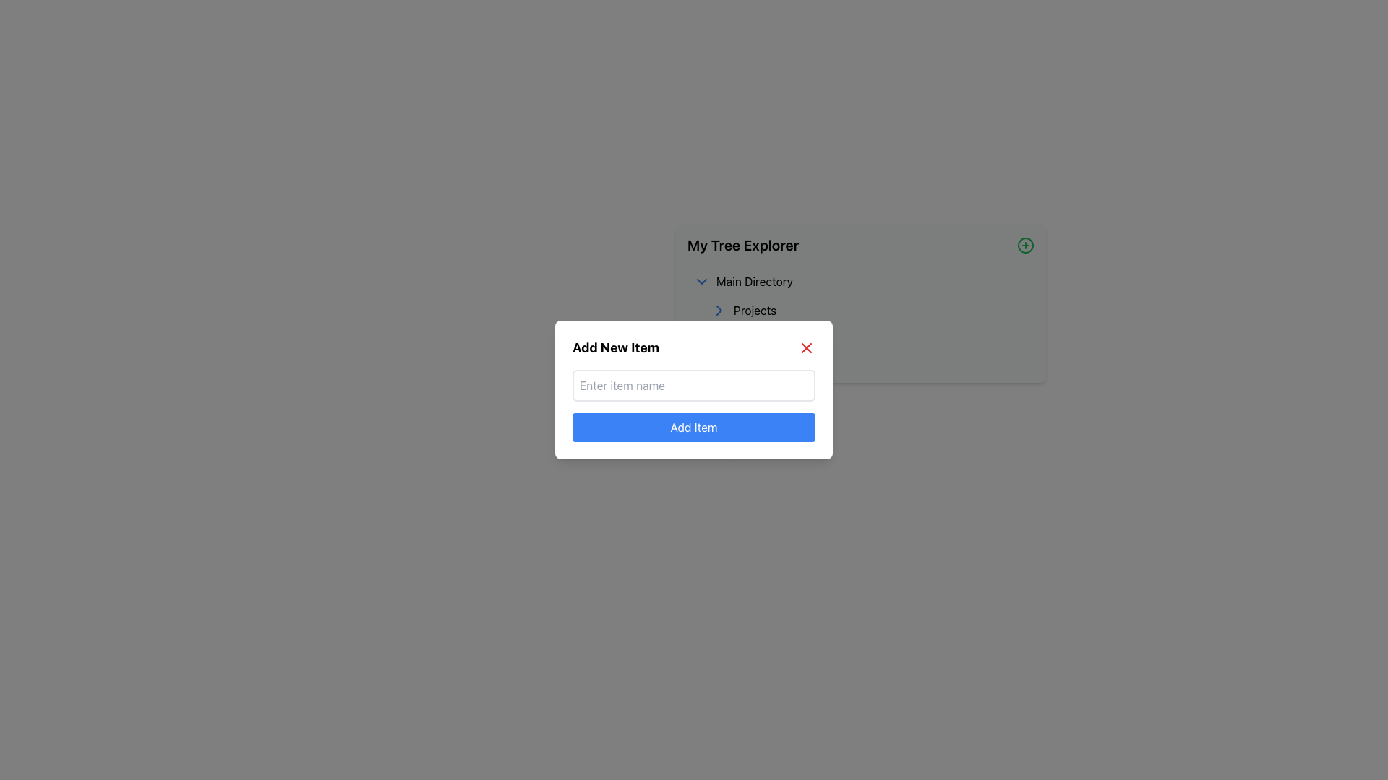 Image resolution: width=1388 pixels, height=780 pixels. Describe the element at coordinates (719, 309) in the screenshot. I see `the rightward-pointing chevron arrow icon located within the 'Projects' subsection of the tree explorer interface by navigating via keyboard or interface` at that location.